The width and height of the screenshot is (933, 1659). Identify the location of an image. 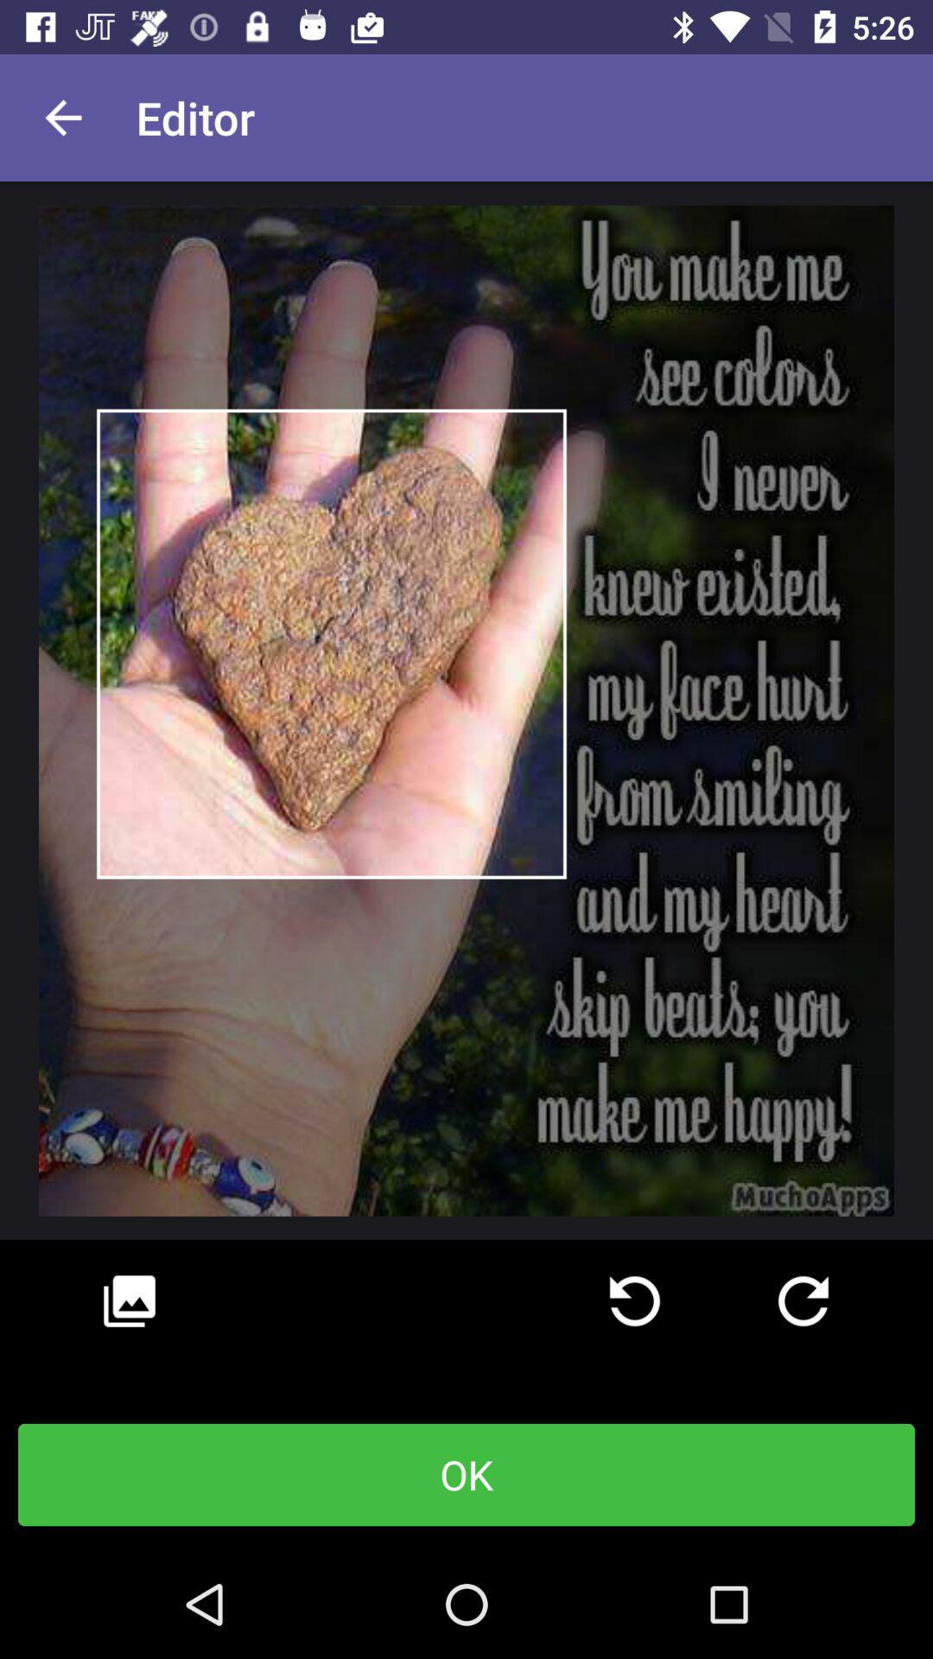
(129, 1301).